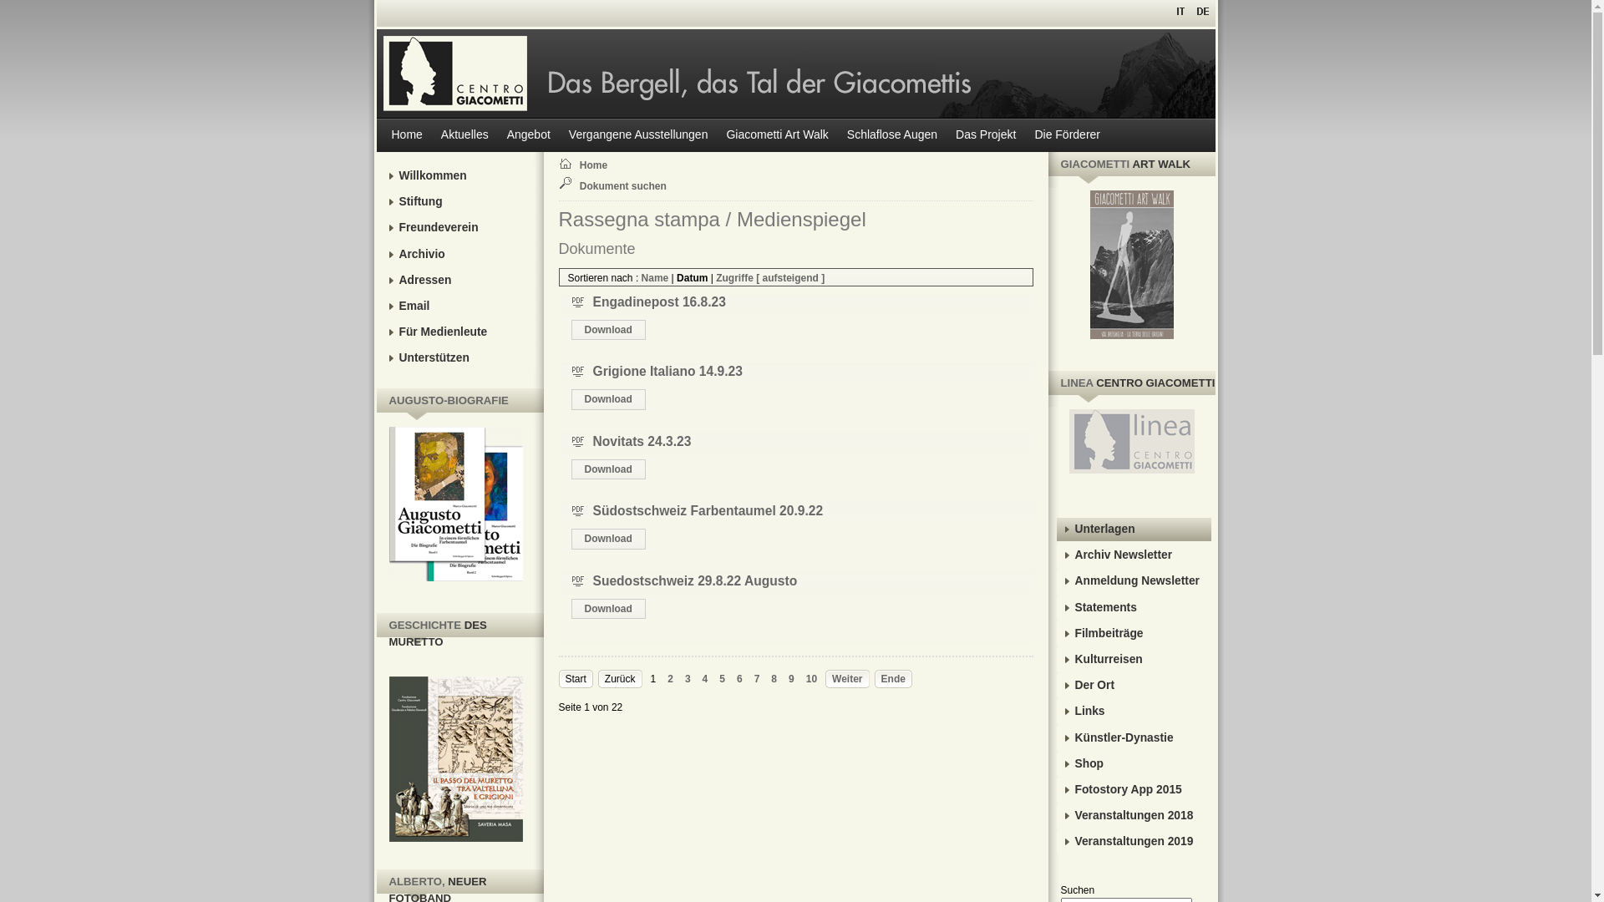 This screenshot has height=902, width=1604. I want to click on 'Novitats 24.3.23', so click(641, 440).